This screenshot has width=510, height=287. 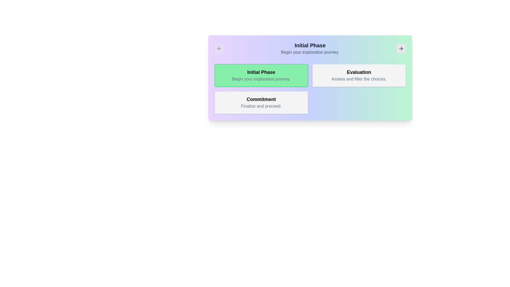 What do you see at coordinates (219, 48) in the screenshot?
I see `the button with a left-pointing arrow icon located in the top-left corner of the card` at bounding box center [219, 48].